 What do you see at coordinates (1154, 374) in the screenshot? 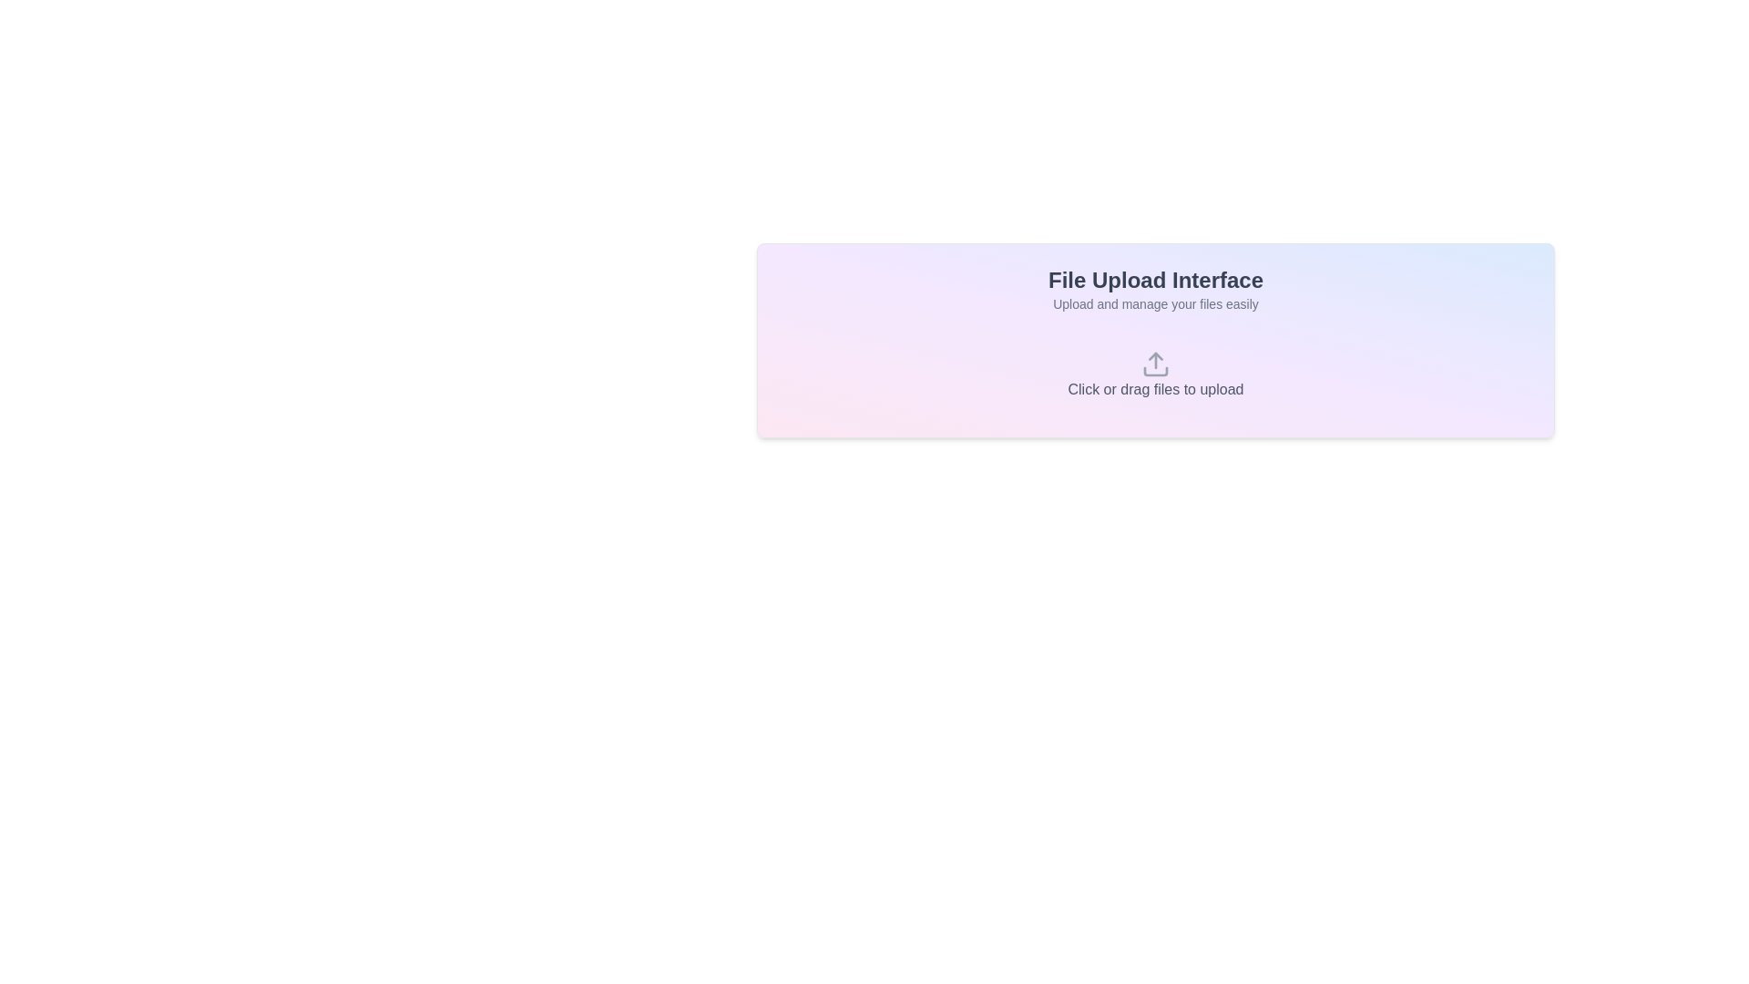
I see `the File upload zone, which is the main component of the file upload interface located beneath the heading 'File Upload Interface'` at bounding box center [1154, 374].